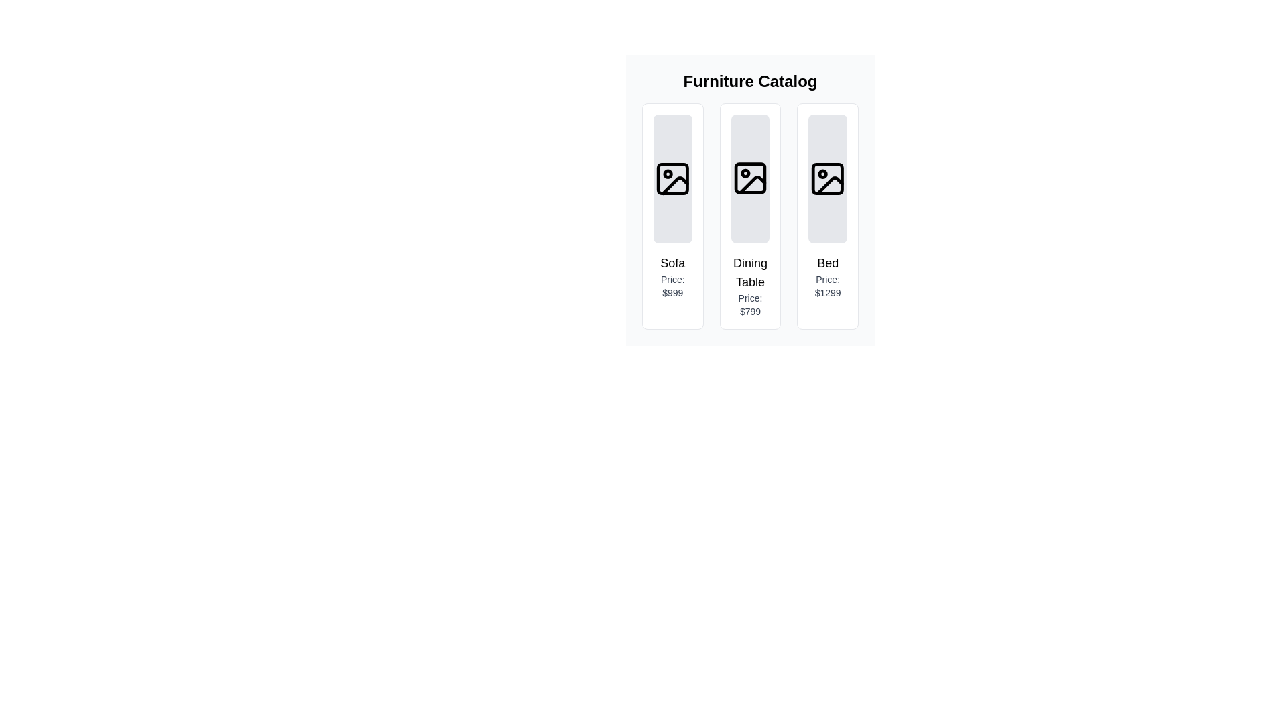 The height and width of the screenshot is (724, 1287). I want to click on price information displayed in the text label located beneath the title 'Sofa' within the first product card, so click(672, 286).